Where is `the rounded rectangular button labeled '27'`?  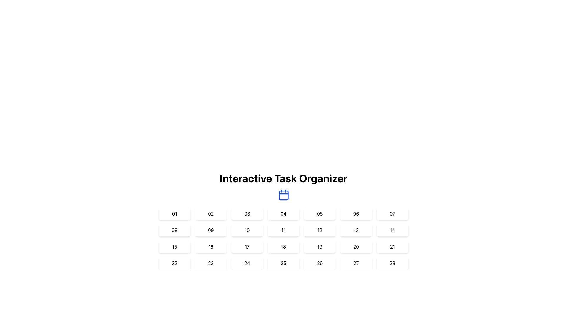
the rounded rectangular button labeled '27' is located at coordinates (356, 263).